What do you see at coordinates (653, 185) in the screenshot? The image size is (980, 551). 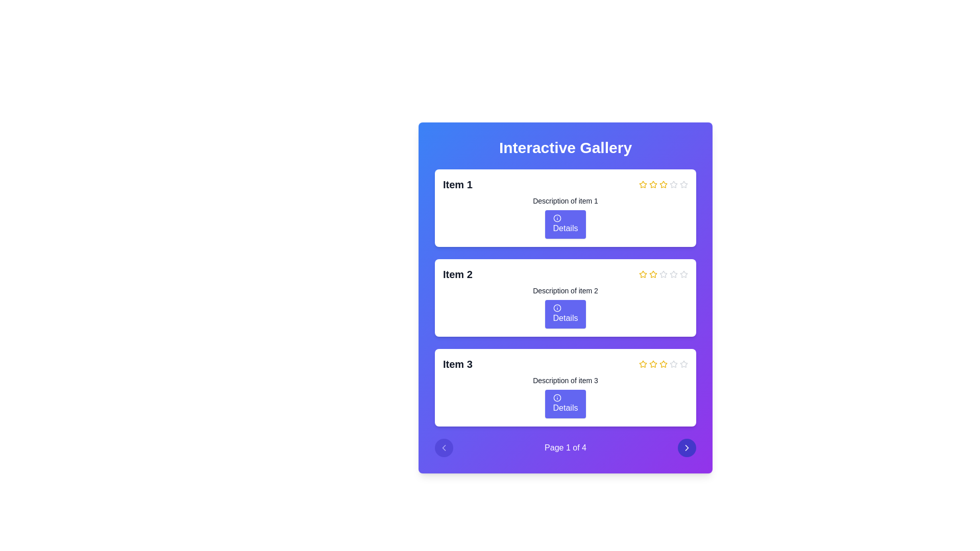 I see `the second star in the star rating indicator of the 'Item 1' card` at bounding box center [653, 185].